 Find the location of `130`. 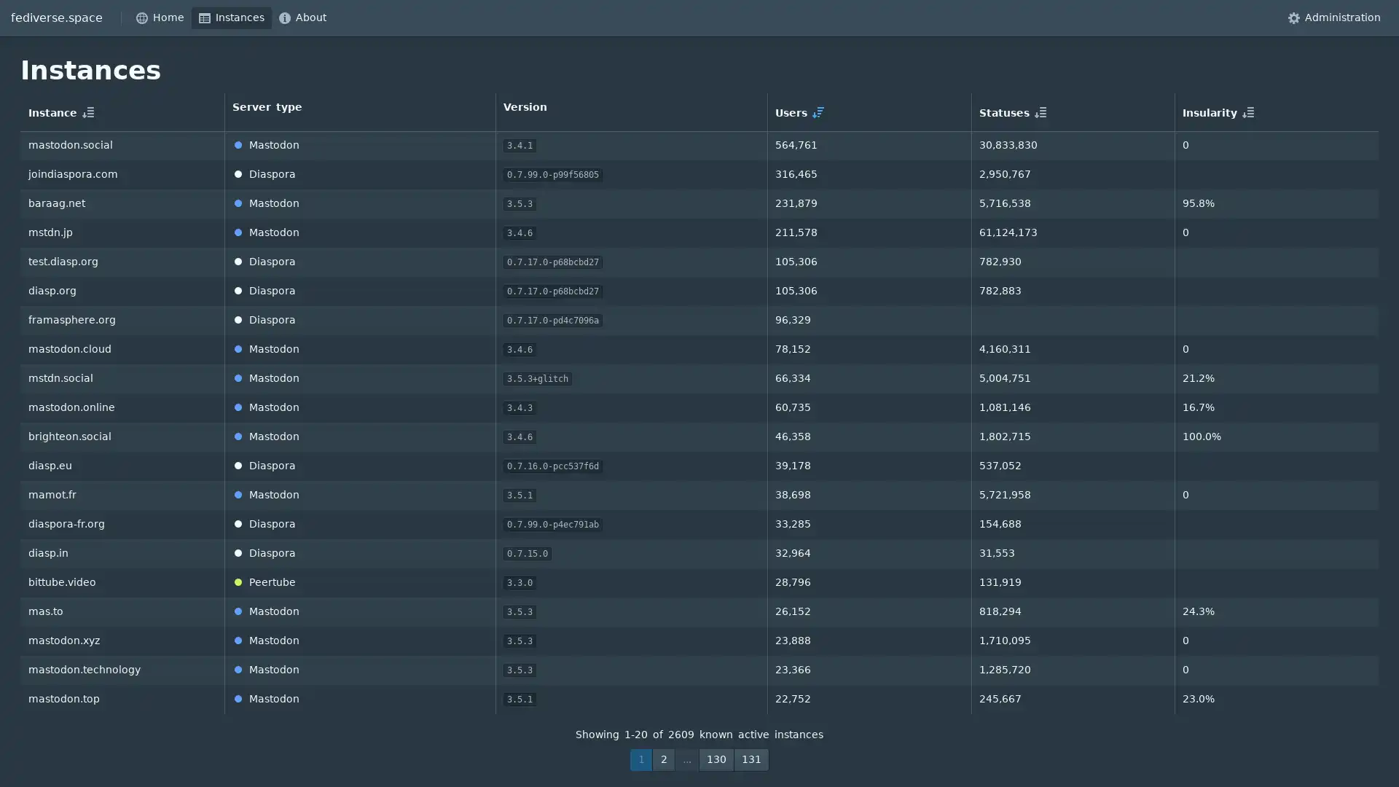

130 is located at coordinates (716, 759).